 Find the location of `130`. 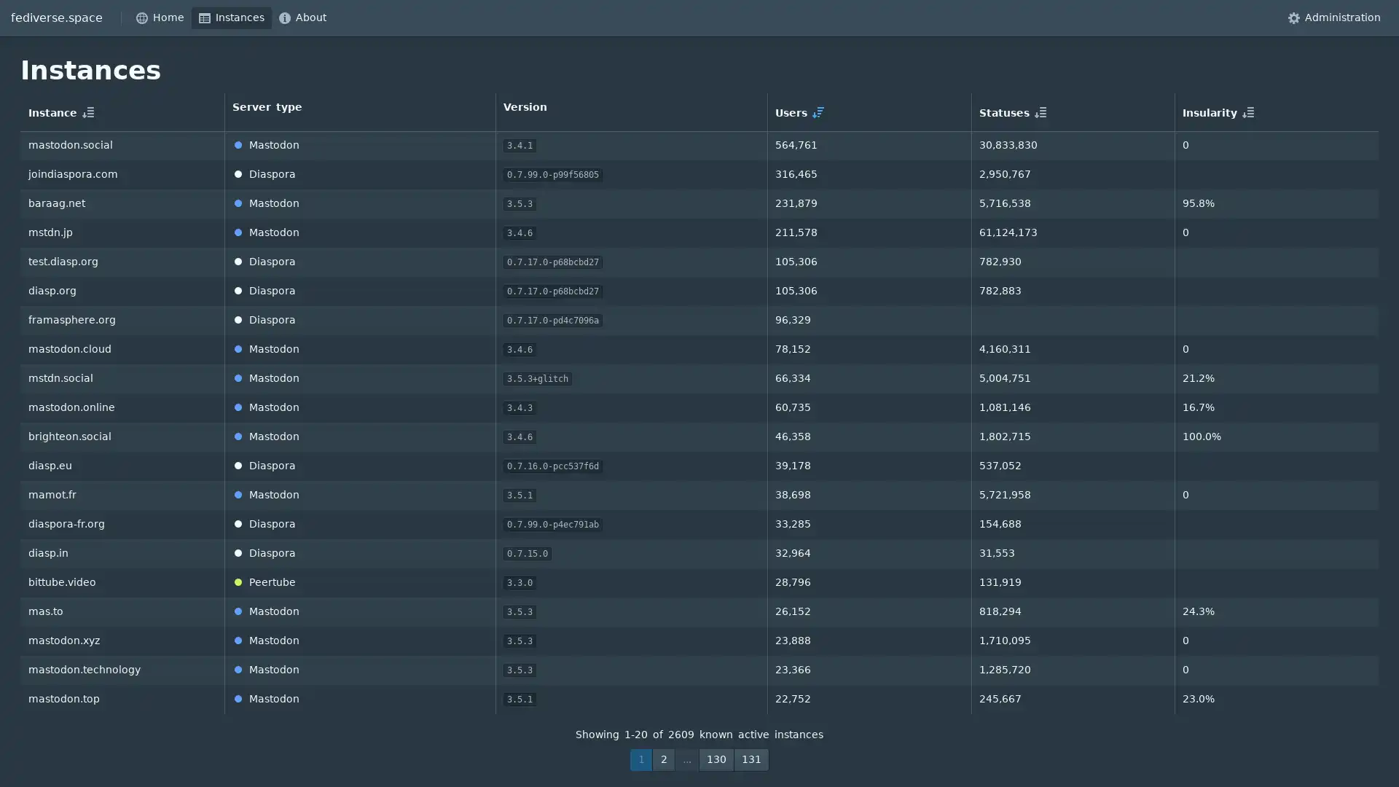

130 is located at coordinates (716, 759).